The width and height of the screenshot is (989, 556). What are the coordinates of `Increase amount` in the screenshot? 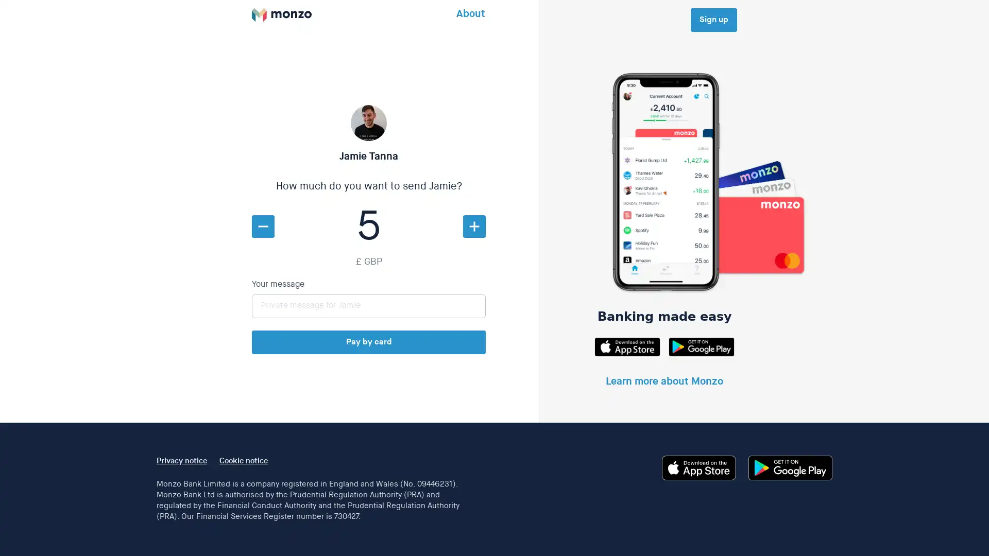 It's located at (474, 225).